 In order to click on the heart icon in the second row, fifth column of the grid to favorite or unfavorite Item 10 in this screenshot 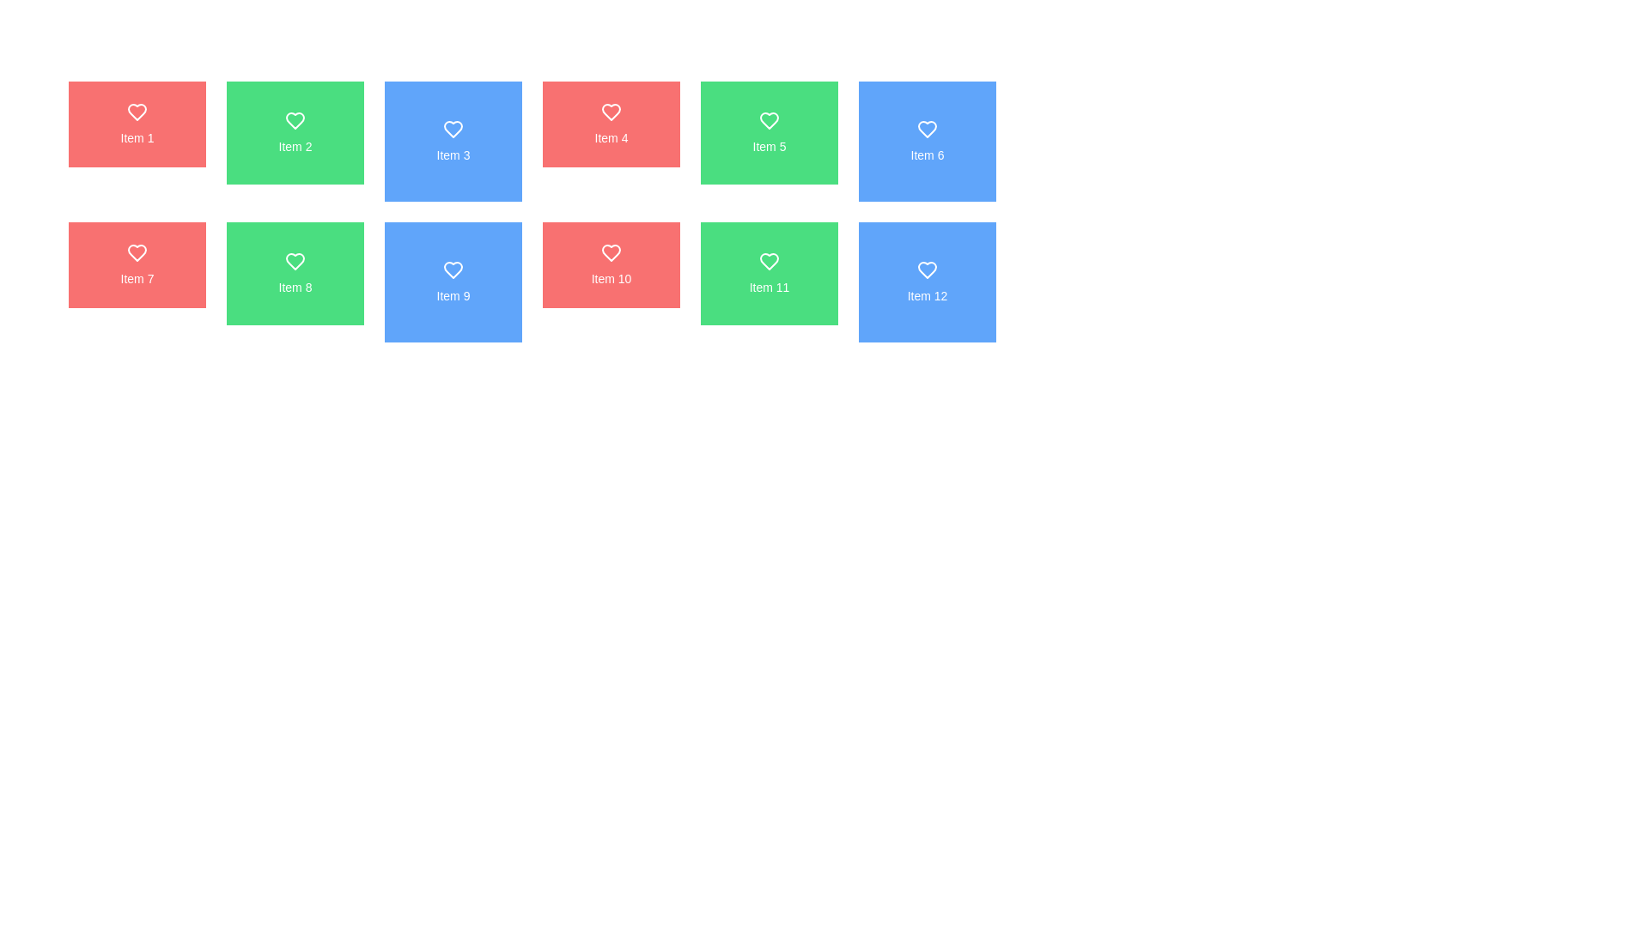, I will do `click(611, 252)`.